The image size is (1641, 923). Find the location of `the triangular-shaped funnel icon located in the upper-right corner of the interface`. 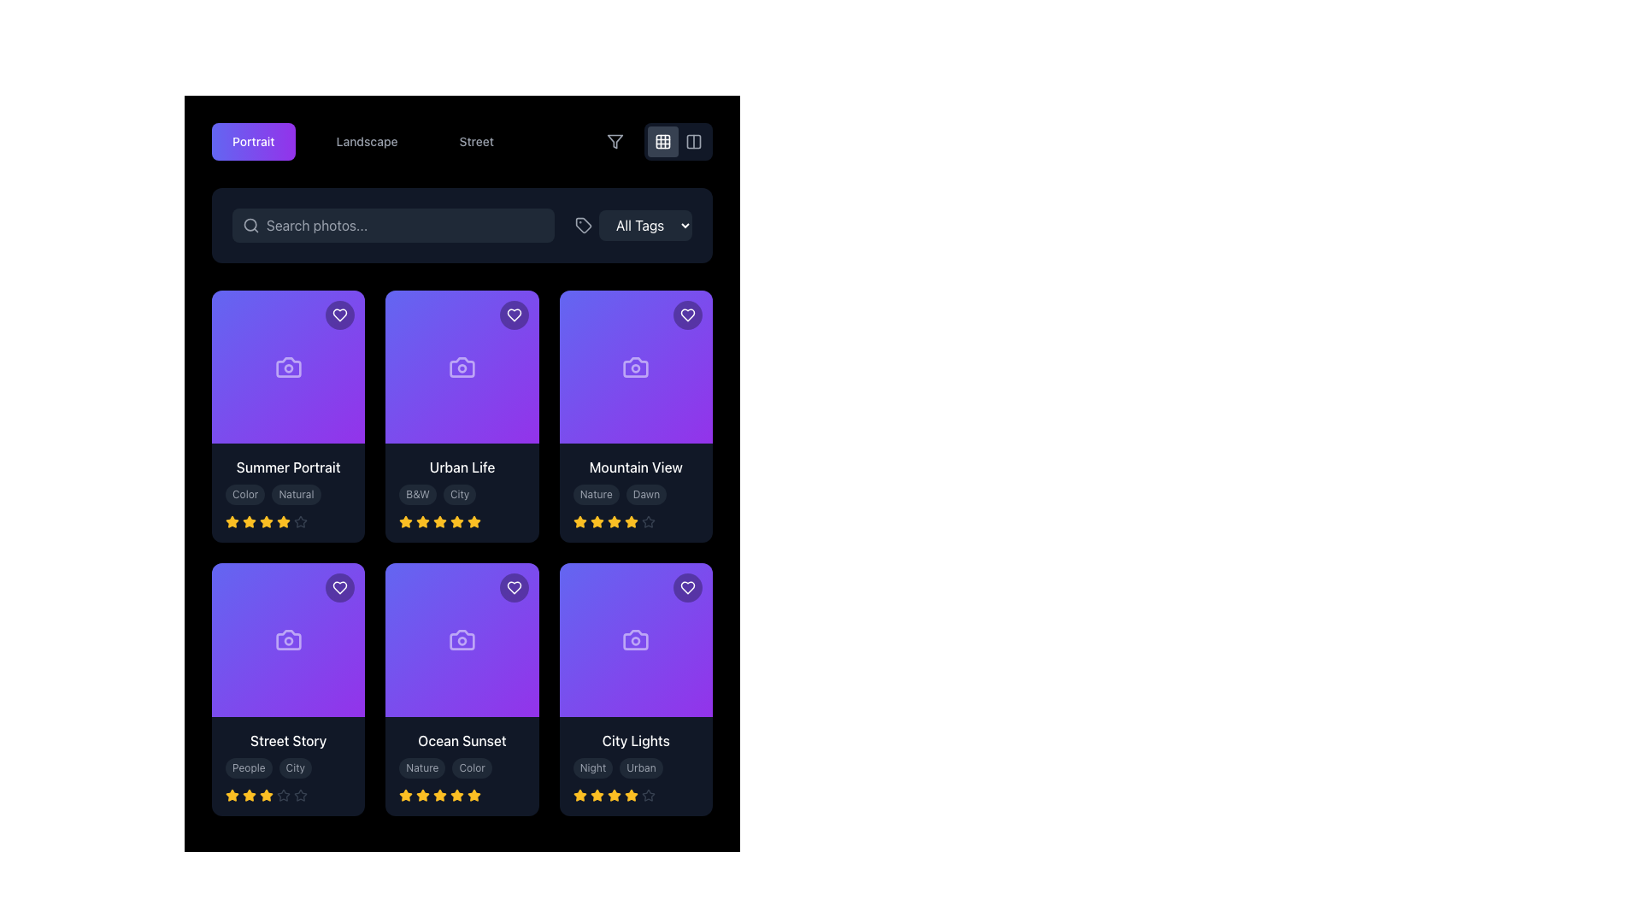

the triangular-shaped funnel icon located in the upper-right corner of the interface is located at coordinates (615, 140).